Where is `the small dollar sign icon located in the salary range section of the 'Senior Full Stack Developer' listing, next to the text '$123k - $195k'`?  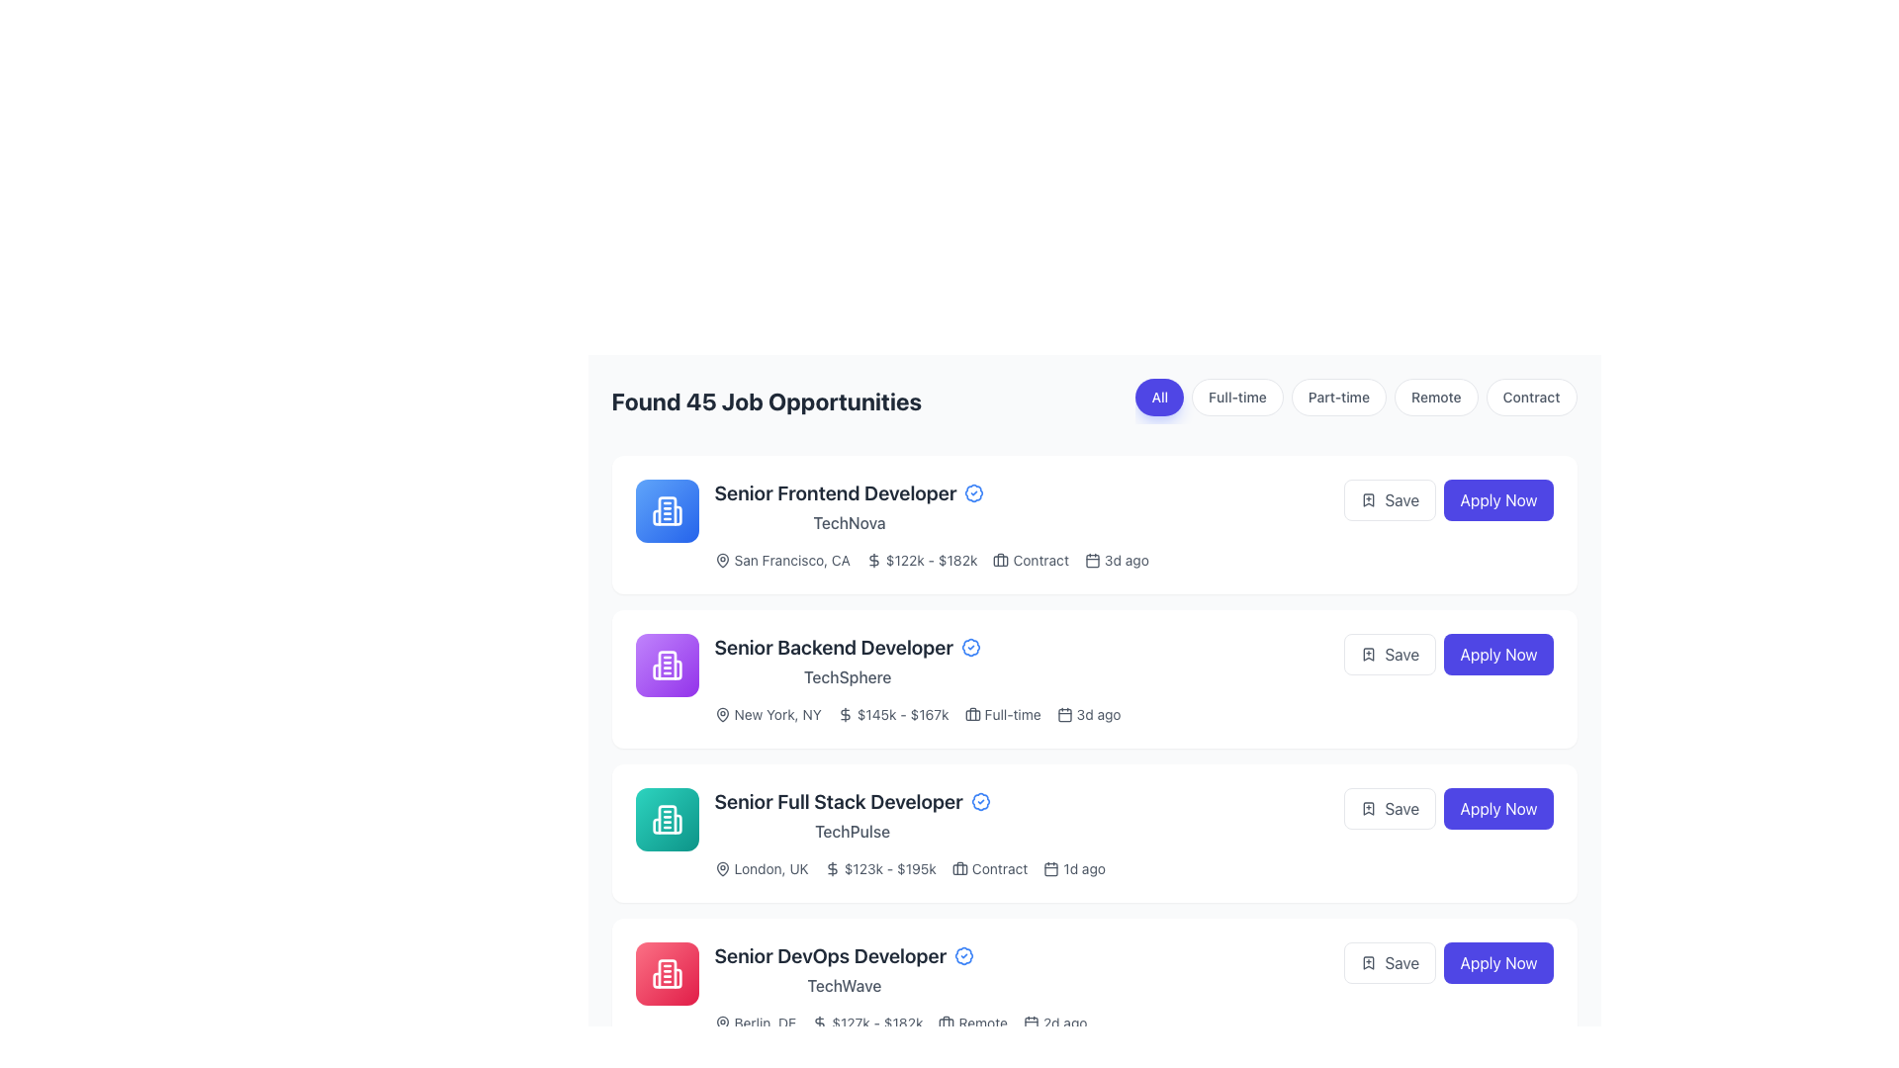 the small dollar sign icon located in the salary range section of the 'Senior Full Stack Developer' listing, next to the text '$123k - $195k' is located at coordinates (832, 868).